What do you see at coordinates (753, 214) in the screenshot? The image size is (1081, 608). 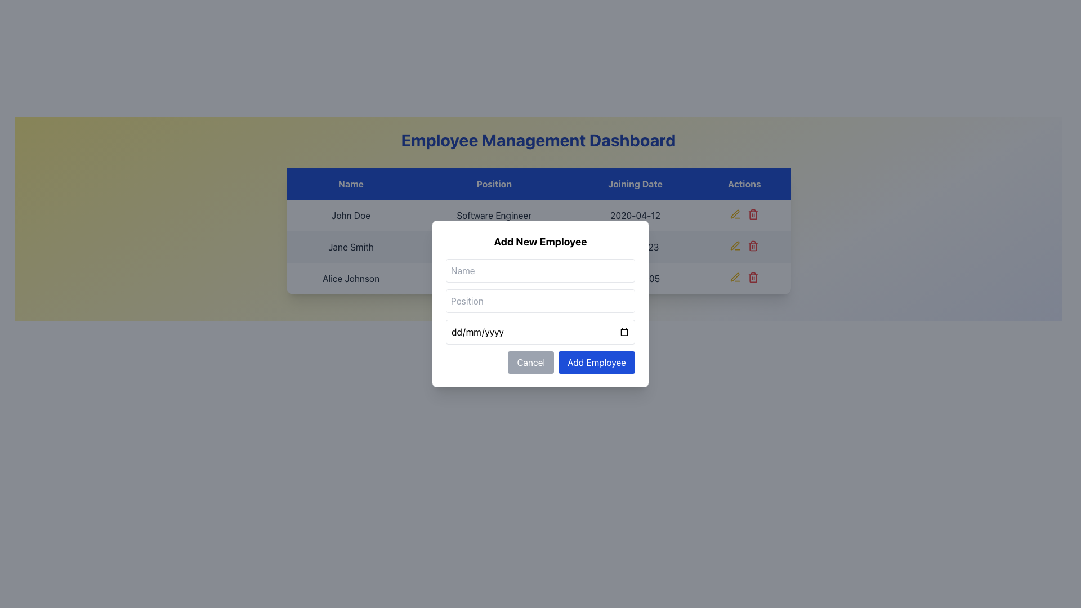 I see `the delete button for John Doe's entry, which is the last button in the 'Actions' column of the first row in the table` at bounding box center [753, 214].